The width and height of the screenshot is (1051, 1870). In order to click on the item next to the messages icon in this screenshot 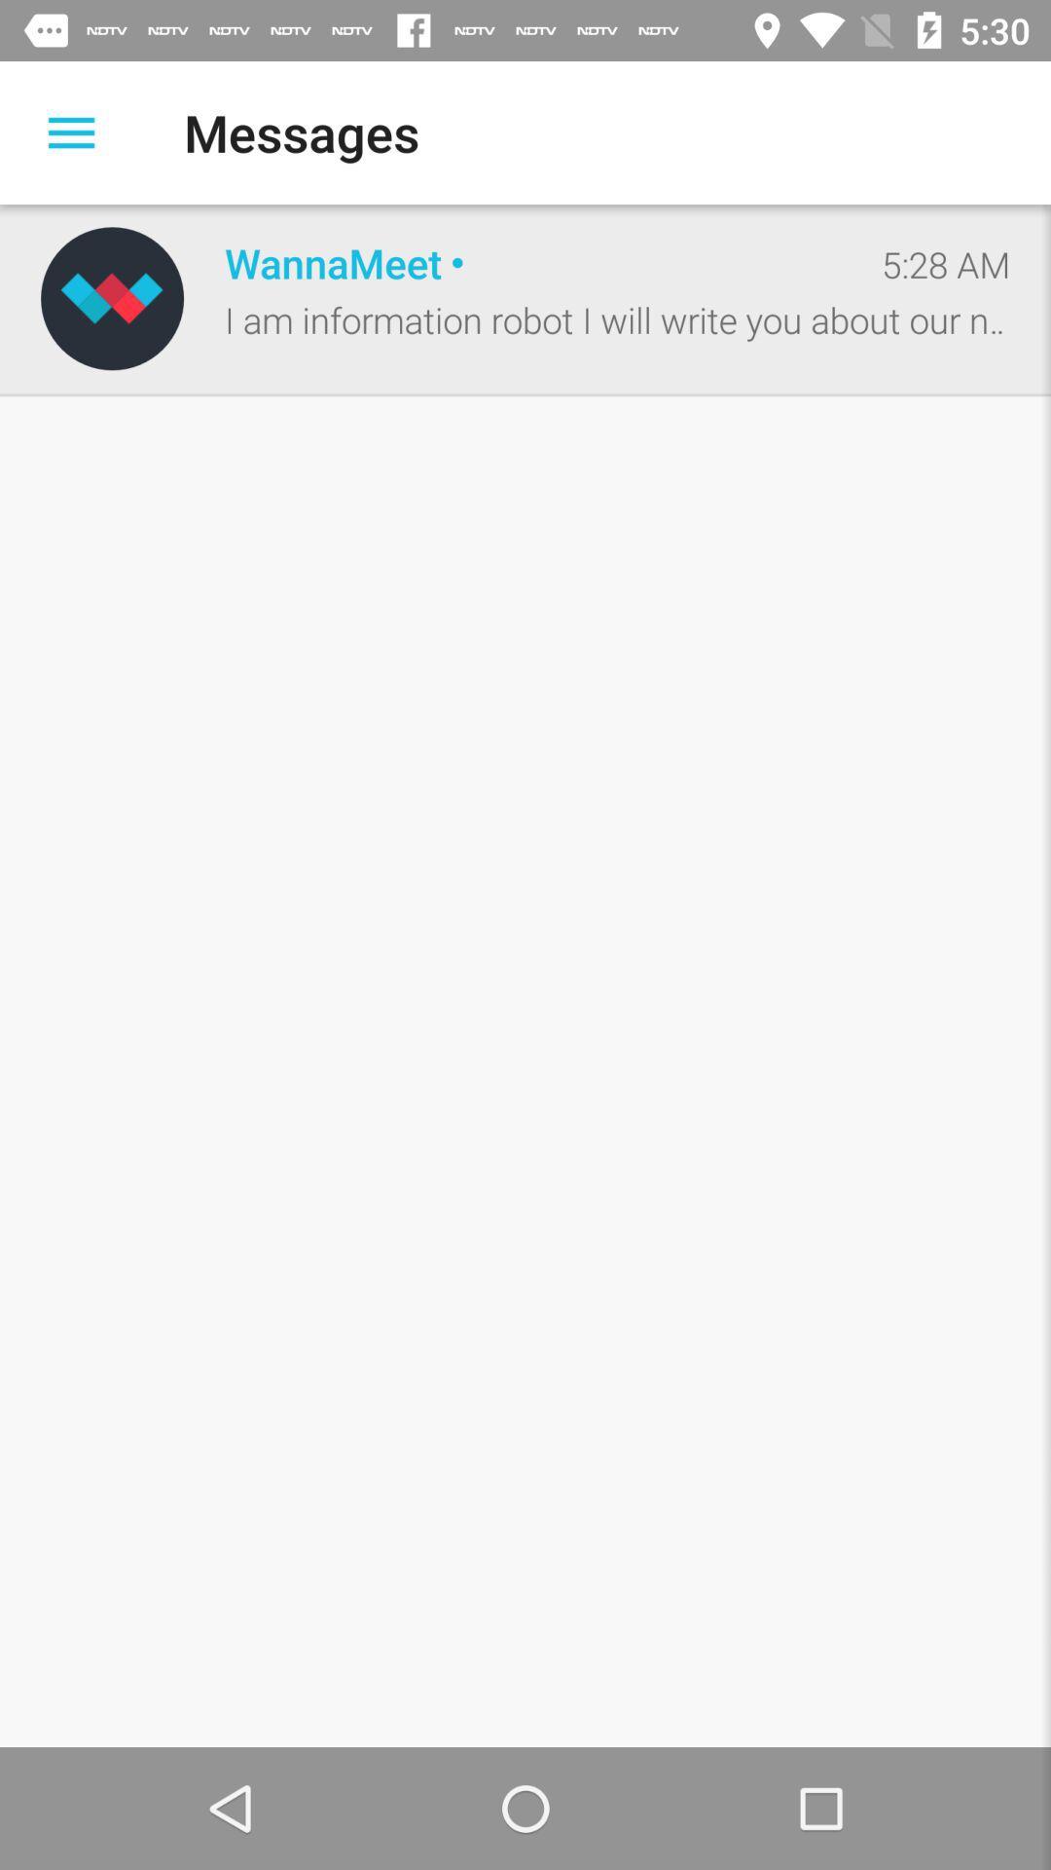, I will do `click(70, 131)`.